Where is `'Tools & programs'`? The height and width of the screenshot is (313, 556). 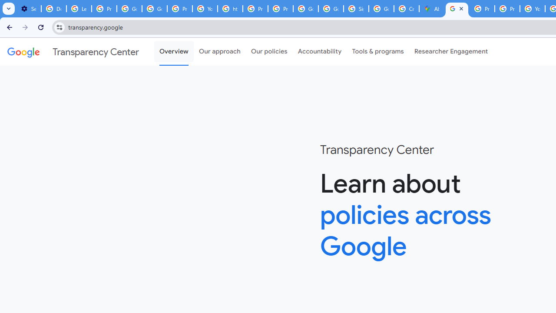
'Tools & programs' is located at coordinates (377, 52).